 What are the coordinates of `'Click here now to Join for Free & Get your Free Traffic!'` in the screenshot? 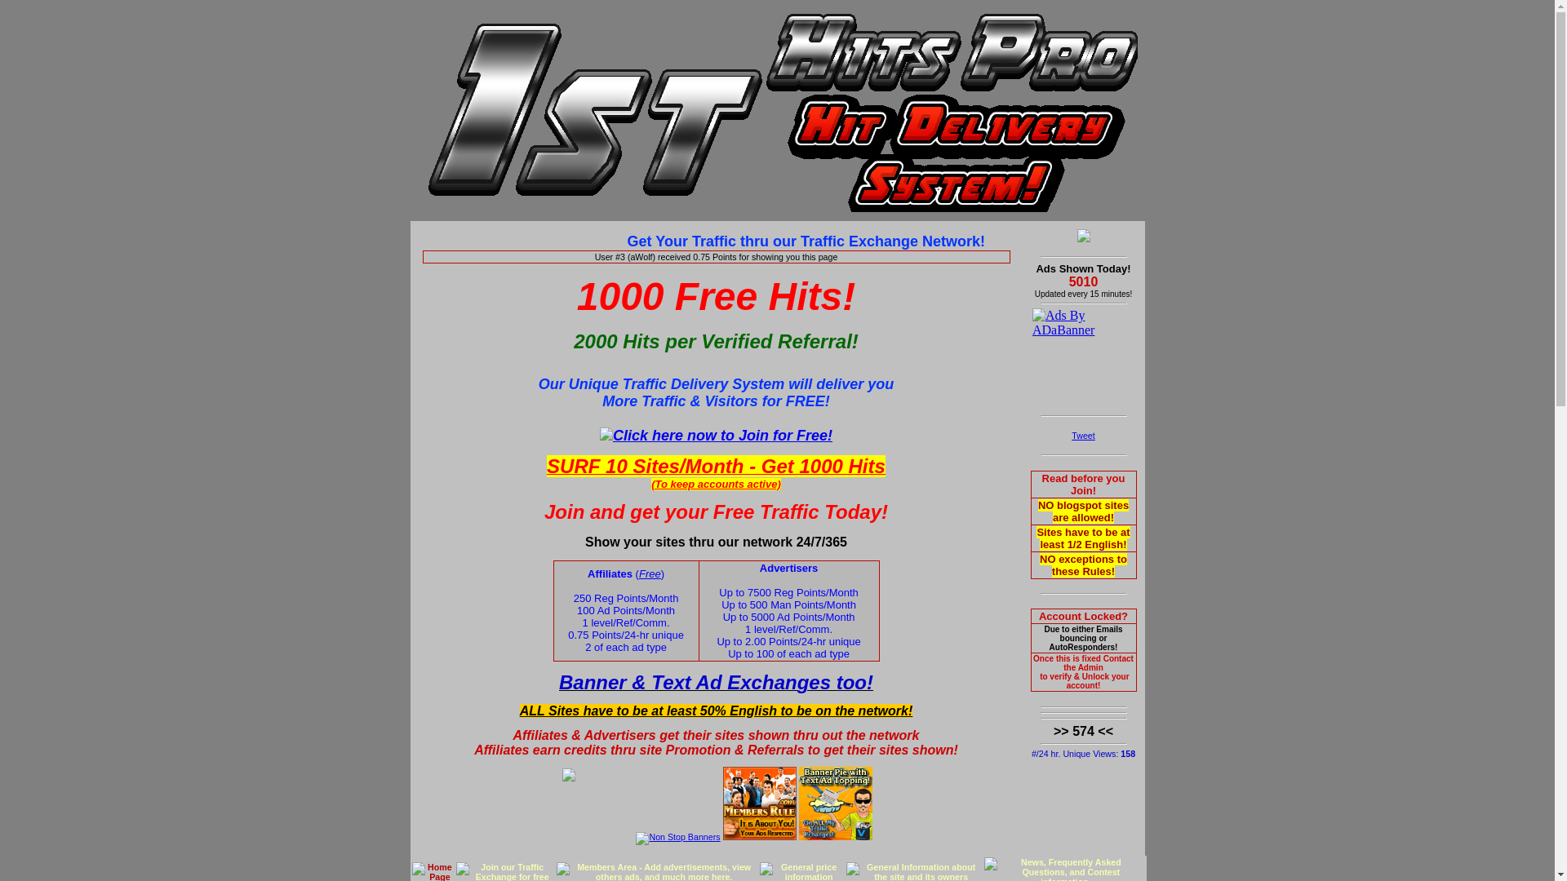 It's located at (716, 434).